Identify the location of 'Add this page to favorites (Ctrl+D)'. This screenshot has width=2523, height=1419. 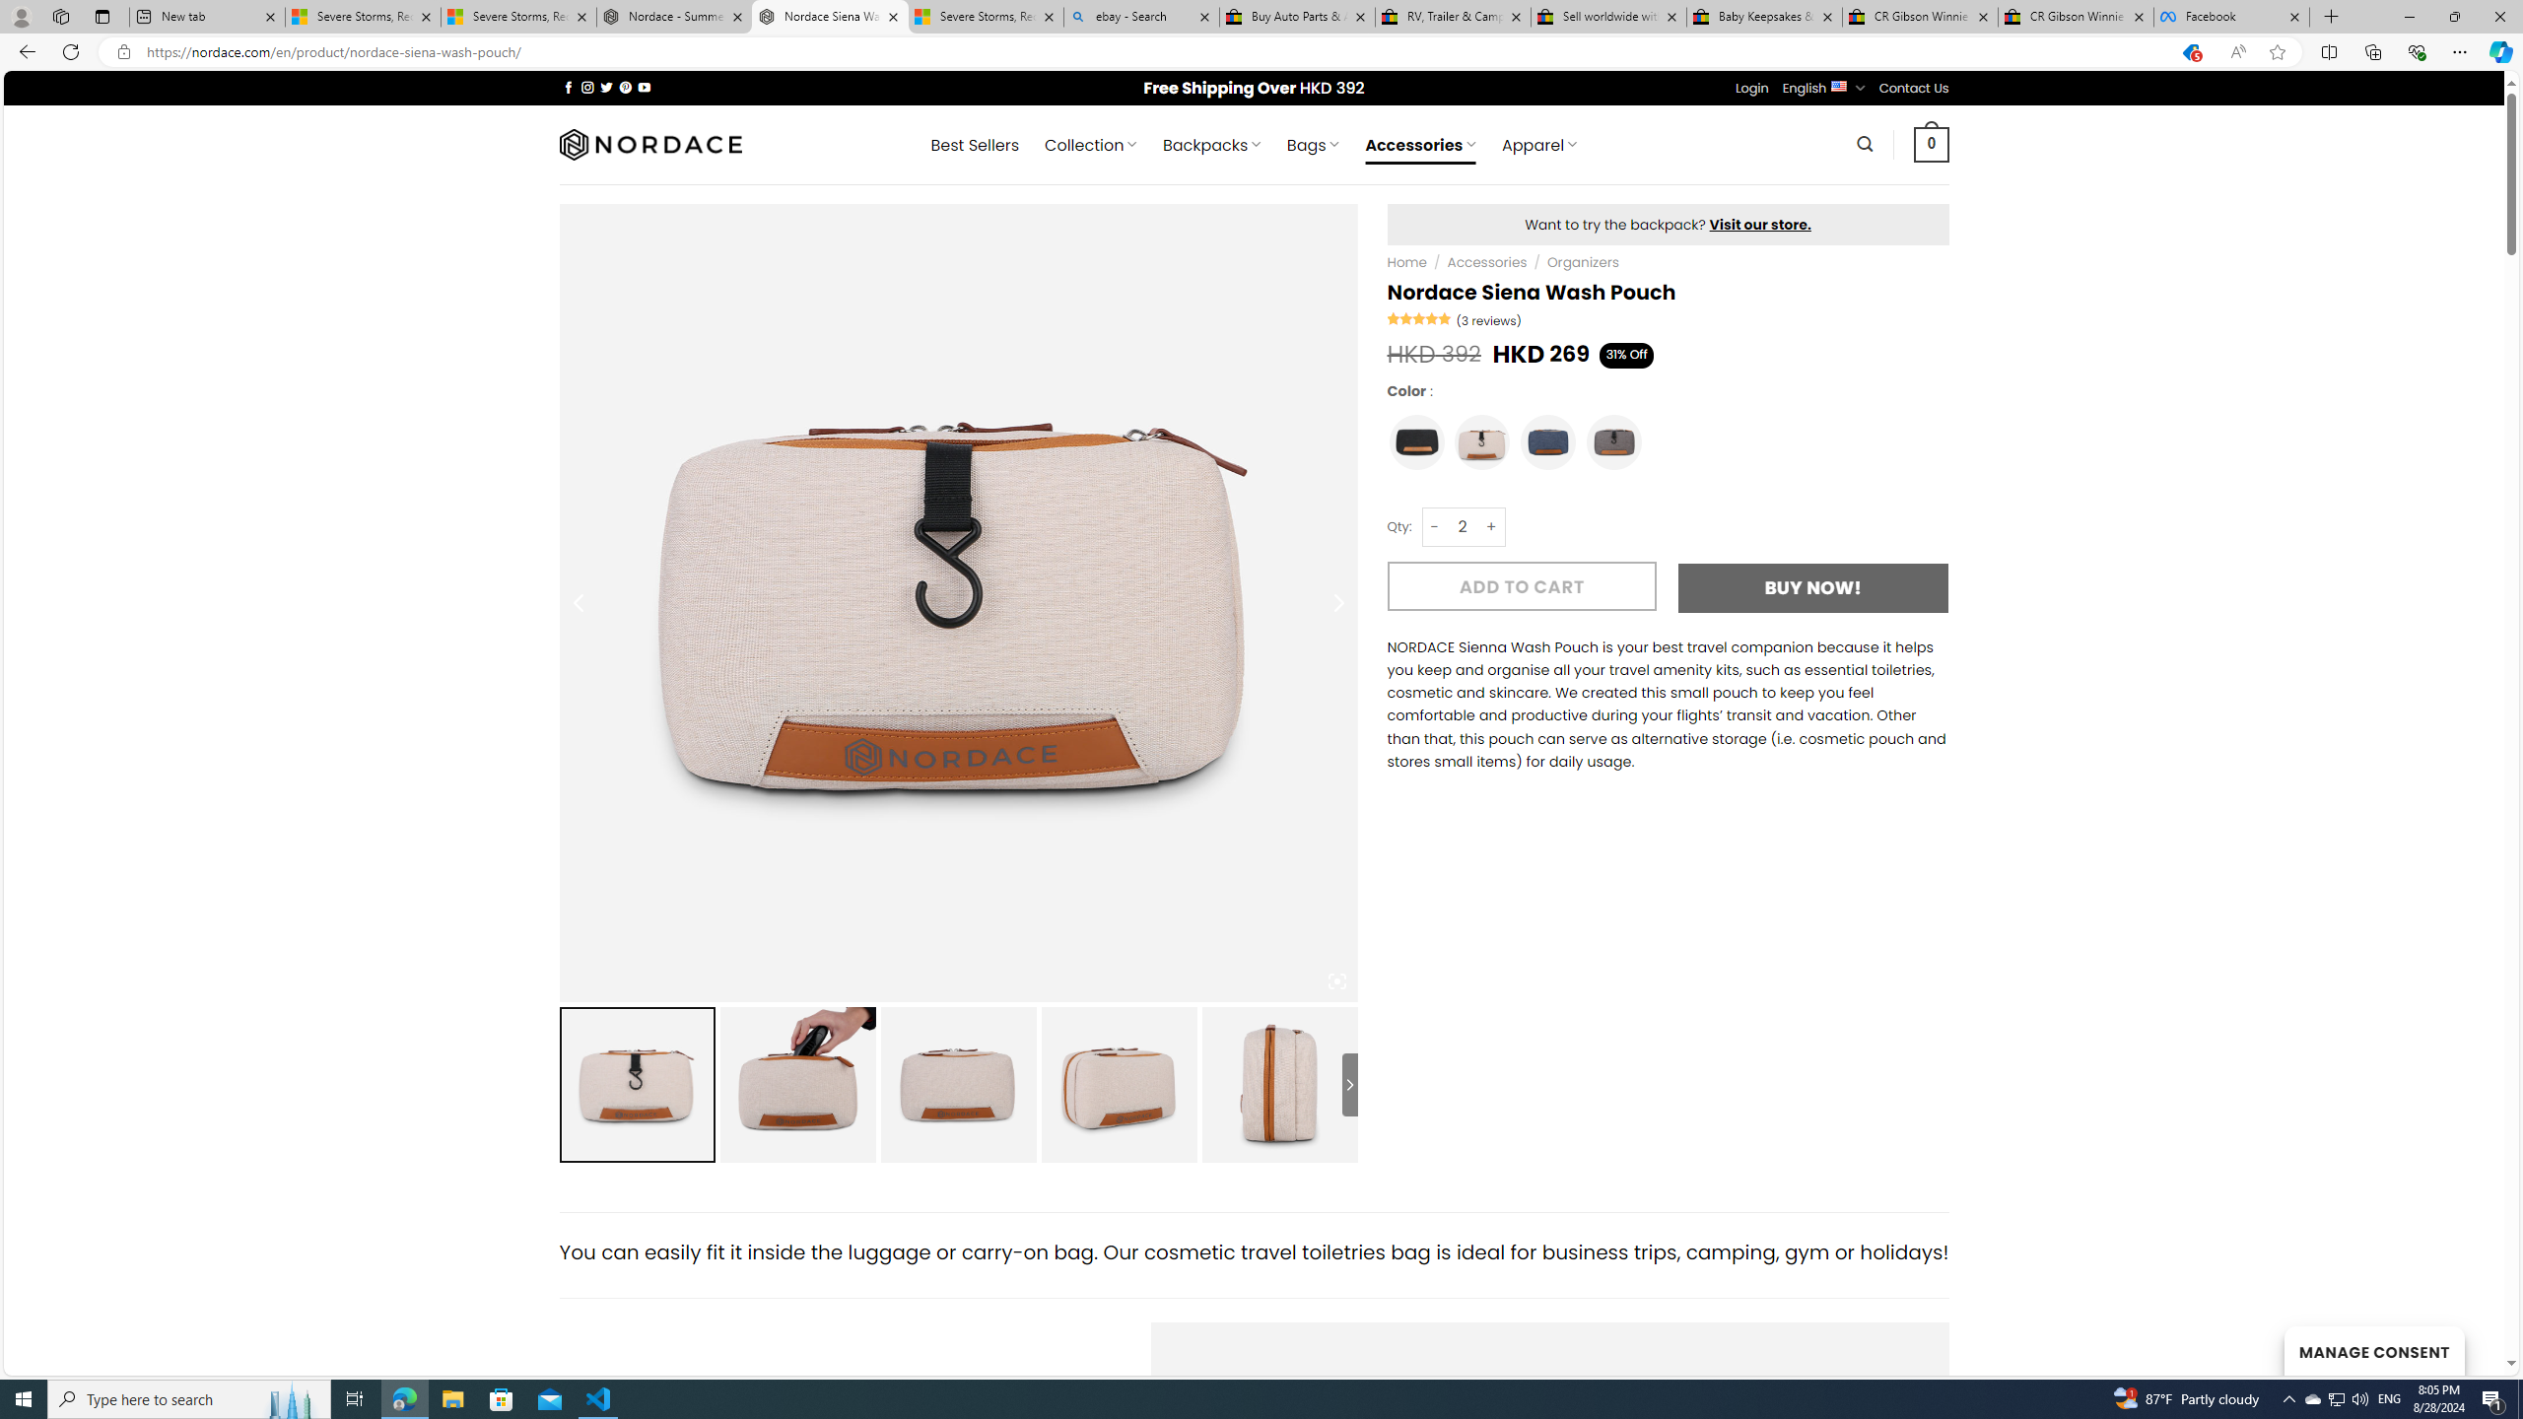
(2278, 52).